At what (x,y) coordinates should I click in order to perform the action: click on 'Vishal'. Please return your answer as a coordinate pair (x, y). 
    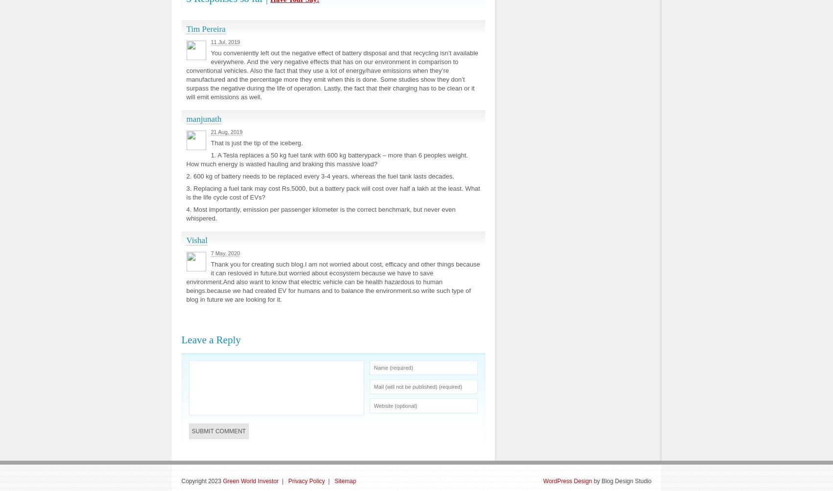
    Looking at the image, I should click on (196, 240).